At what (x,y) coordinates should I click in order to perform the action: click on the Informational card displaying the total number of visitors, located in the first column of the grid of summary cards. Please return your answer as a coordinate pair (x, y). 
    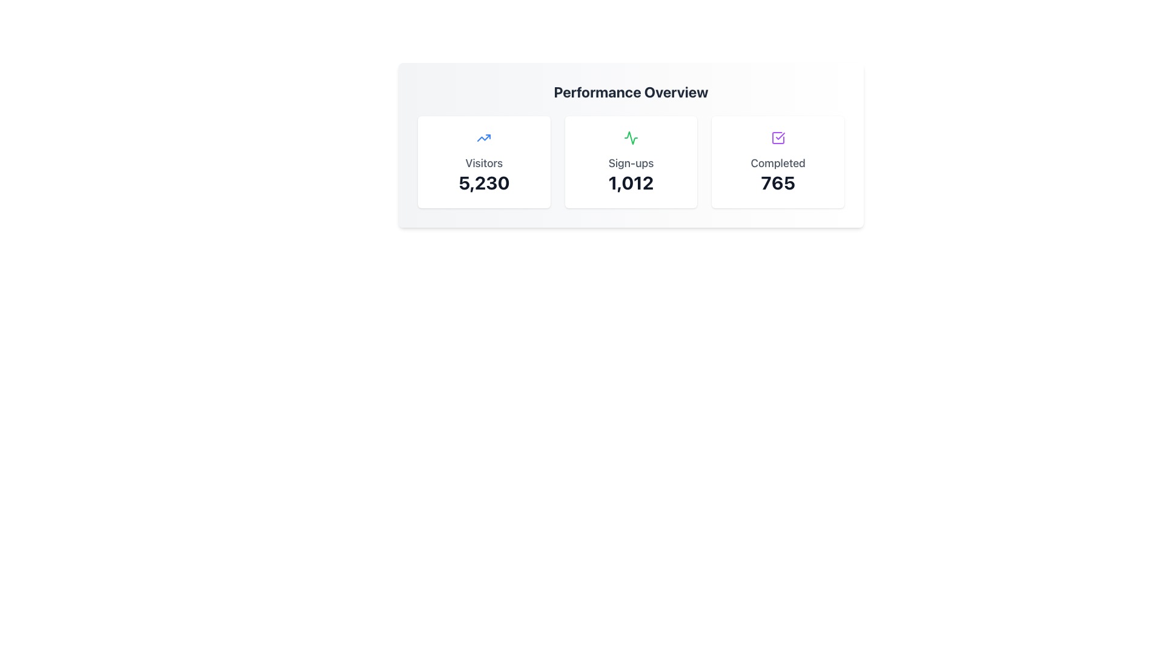
    Looking at the image, I should click on (483, 161).